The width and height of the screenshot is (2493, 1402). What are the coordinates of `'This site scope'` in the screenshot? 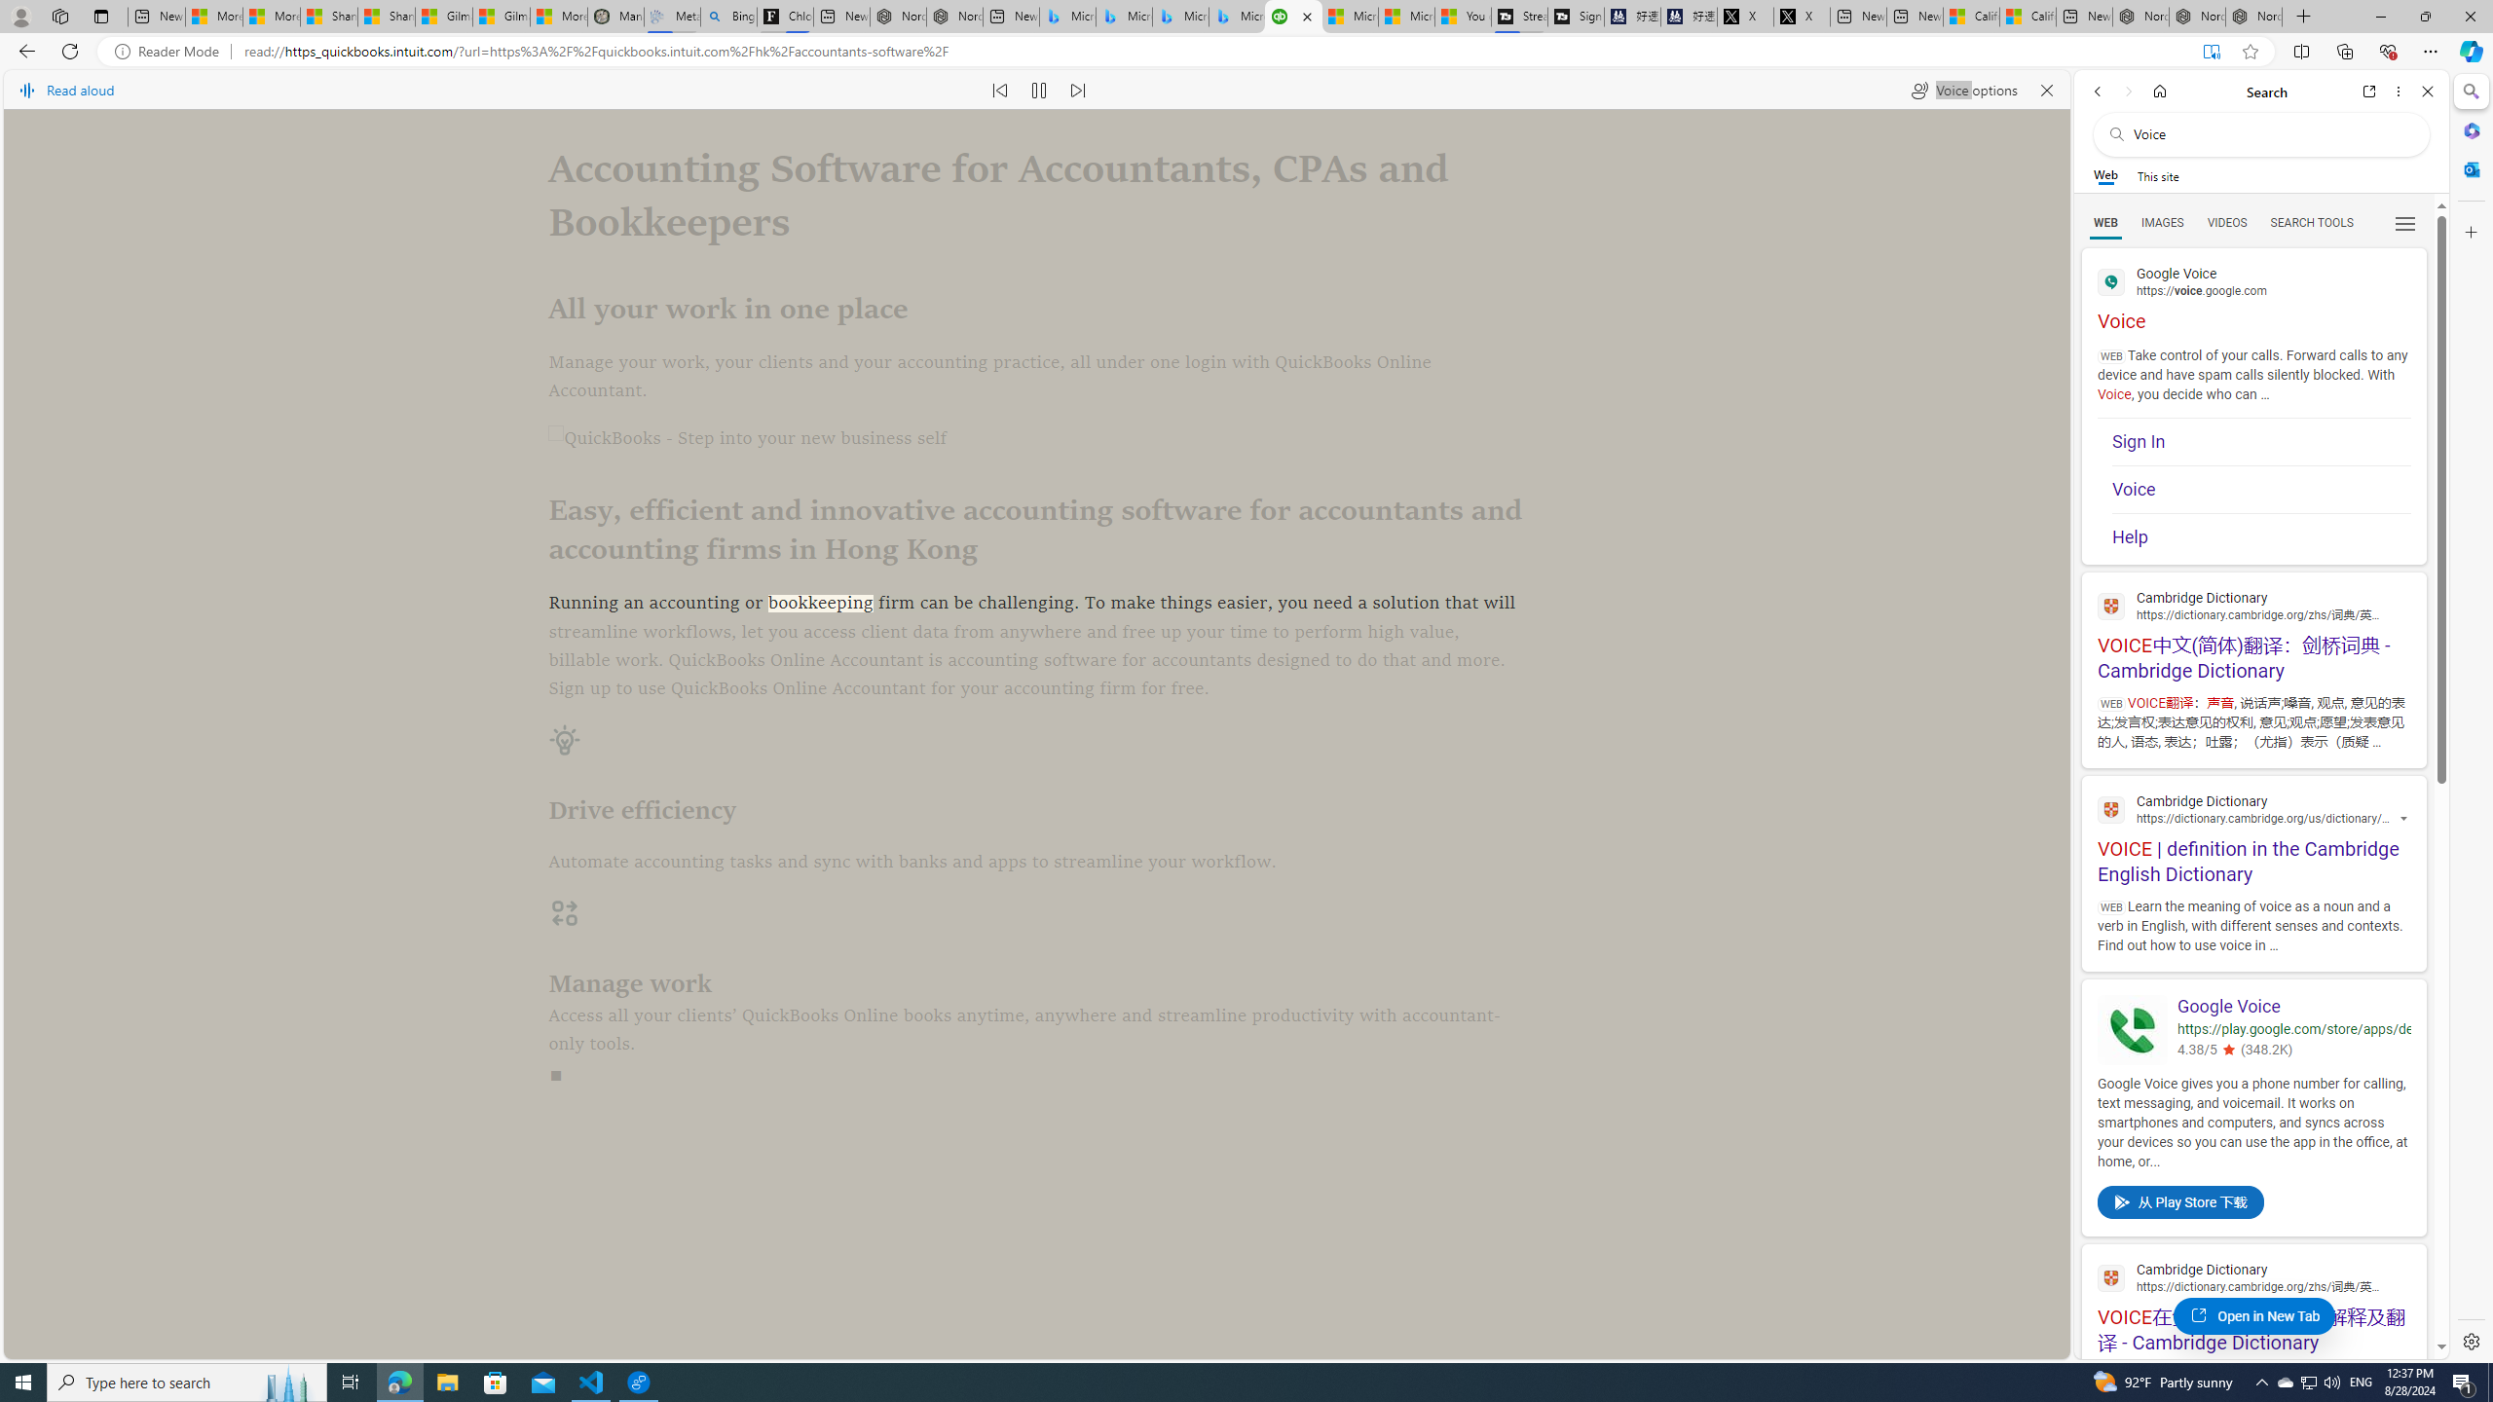 It's located at (2156, 175).